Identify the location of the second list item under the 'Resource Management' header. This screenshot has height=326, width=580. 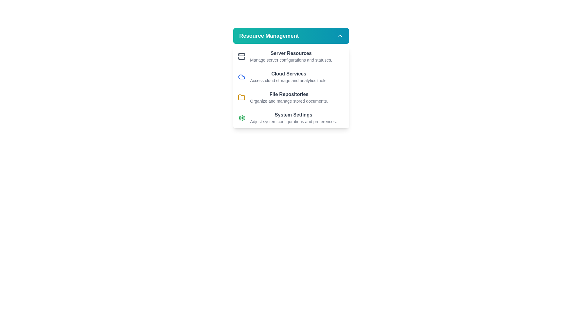
(291, 76).